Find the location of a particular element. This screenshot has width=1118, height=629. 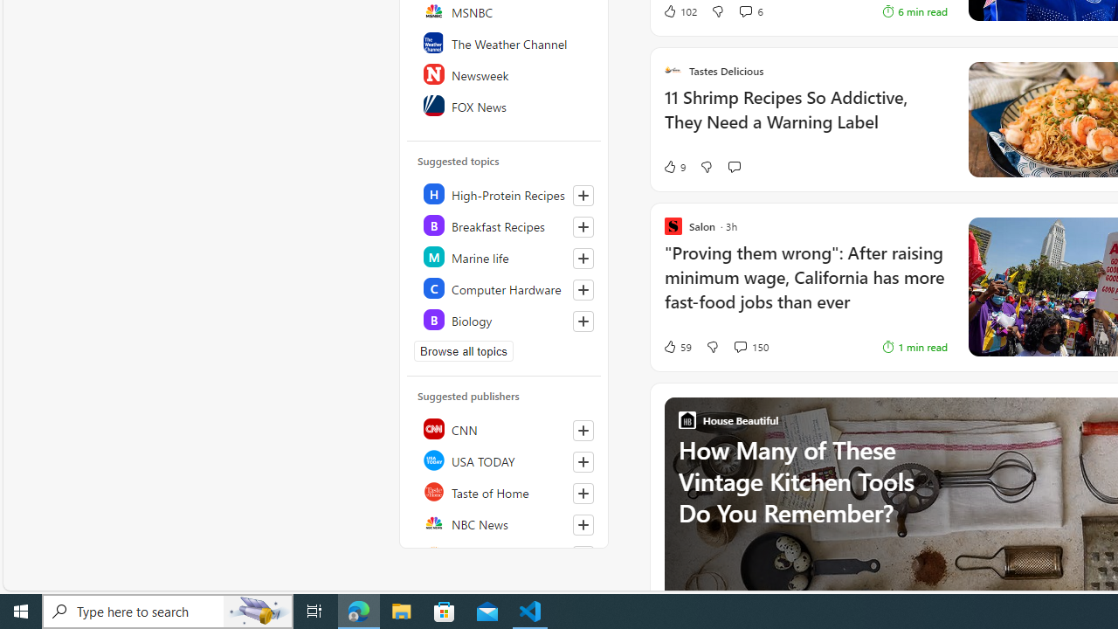

'View comments 150 Comment' is located at coordinates (750, 347).